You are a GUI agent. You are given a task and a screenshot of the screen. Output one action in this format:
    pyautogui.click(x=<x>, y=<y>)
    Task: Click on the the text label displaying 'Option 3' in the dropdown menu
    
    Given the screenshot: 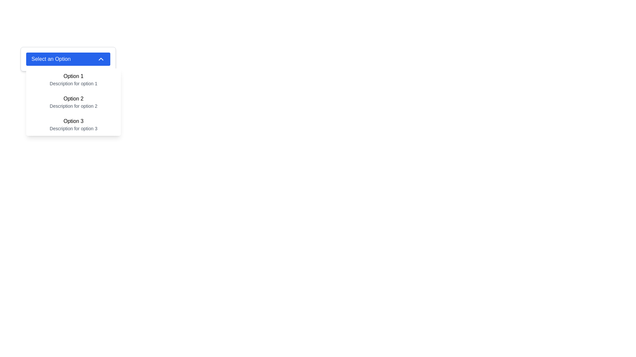 What is the action you would take?
    pyautogui.click(x=73, y=121)
    